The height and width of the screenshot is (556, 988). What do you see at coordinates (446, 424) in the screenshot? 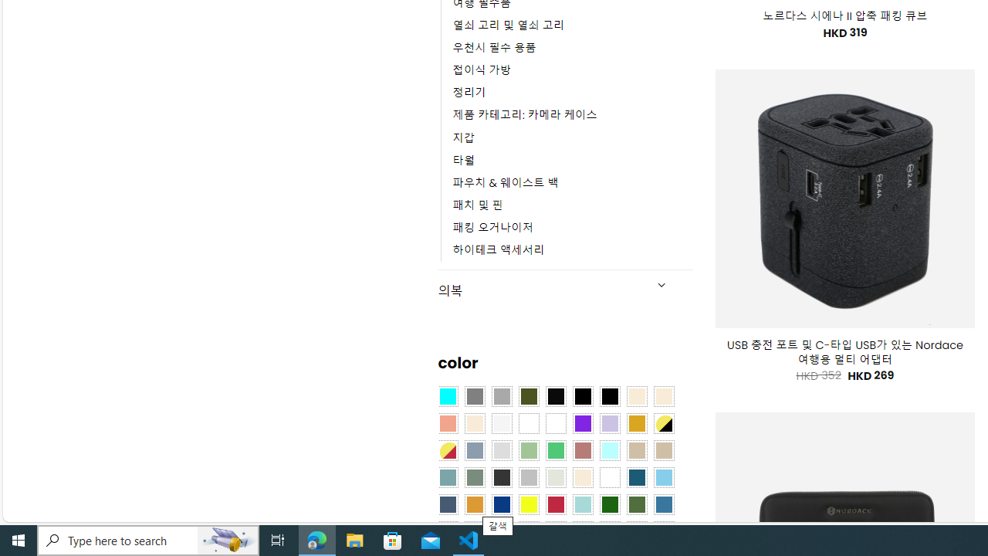
I see `'Coral'` at bounding box center [446, 424].